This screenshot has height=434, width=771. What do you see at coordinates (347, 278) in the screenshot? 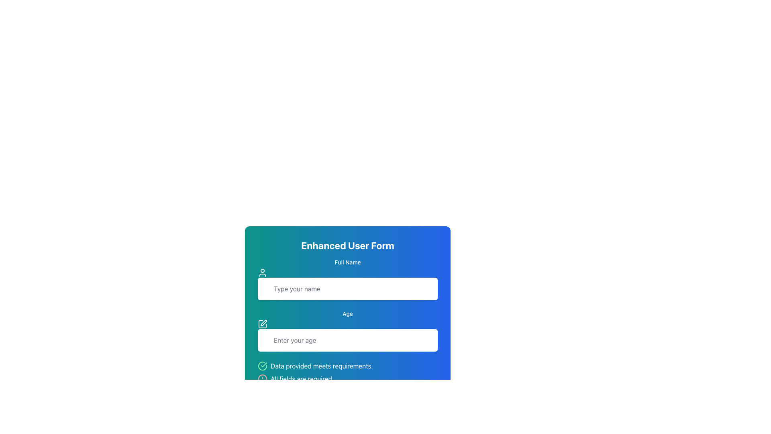
I see `the text input field for the user's full name, which is located below the 'Full Name' label and above the 'Age' input field` at bounding box center [347, 278].